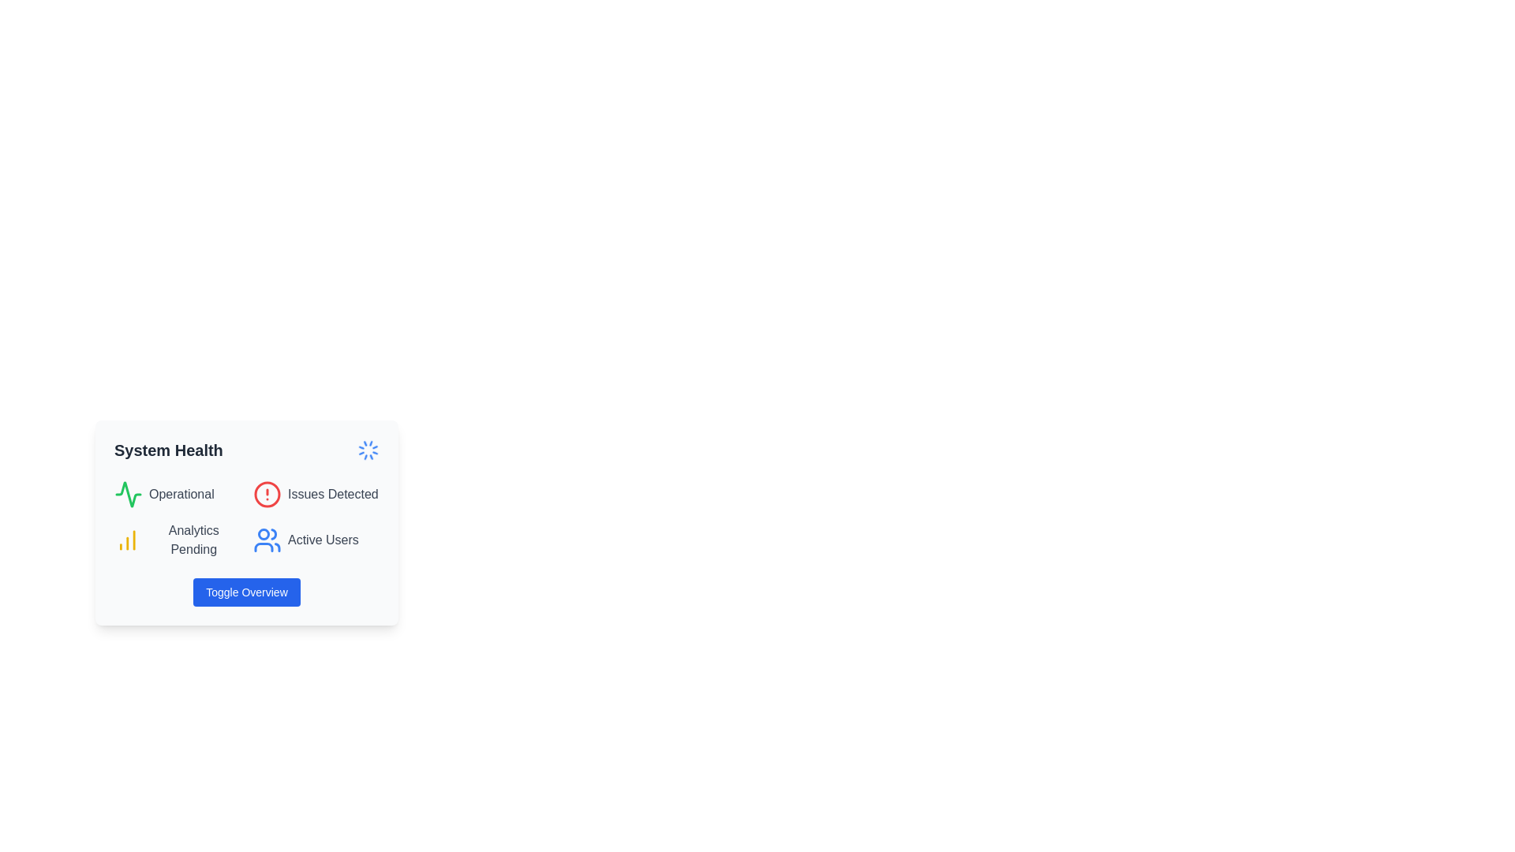 Image resolution: width=1515 pixels, height=852 pixels. What do you see at coordinates (267, 494) in the screenshot?
I see `the alert icon located in the top-right quadrant of the 'System Health' card, adjacent to the 'Issues Detected' text` at bounding box center [267, 494].